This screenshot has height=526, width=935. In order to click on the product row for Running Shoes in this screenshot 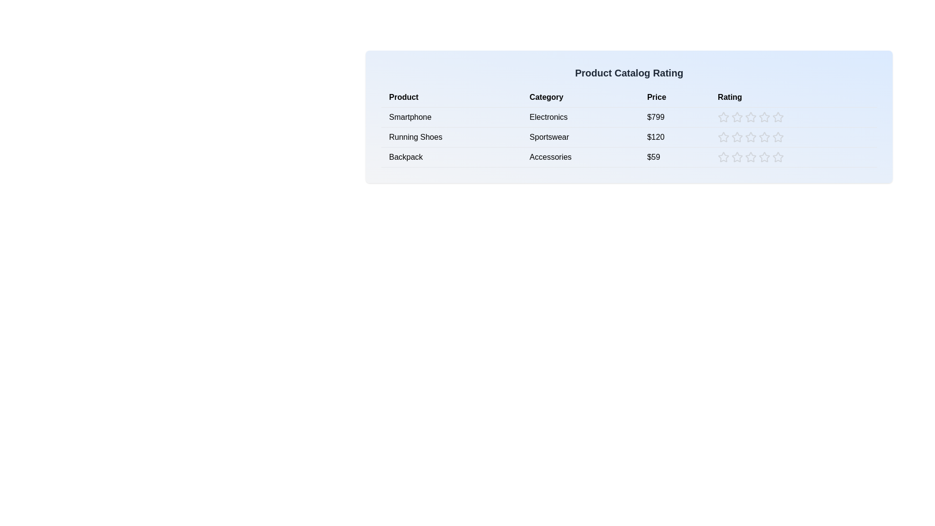, I will do `click(629, 137)`.